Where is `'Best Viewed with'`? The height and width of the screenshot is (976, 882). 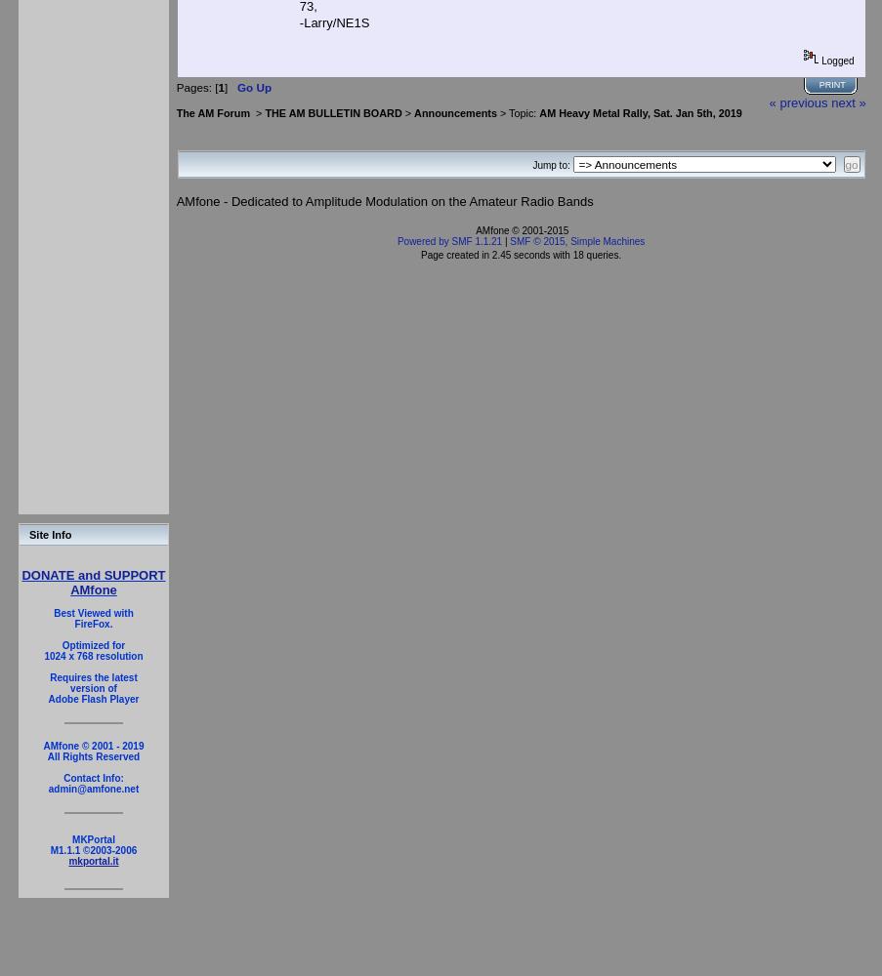
'Best Viewed with' is located at coordinates (93, 613).